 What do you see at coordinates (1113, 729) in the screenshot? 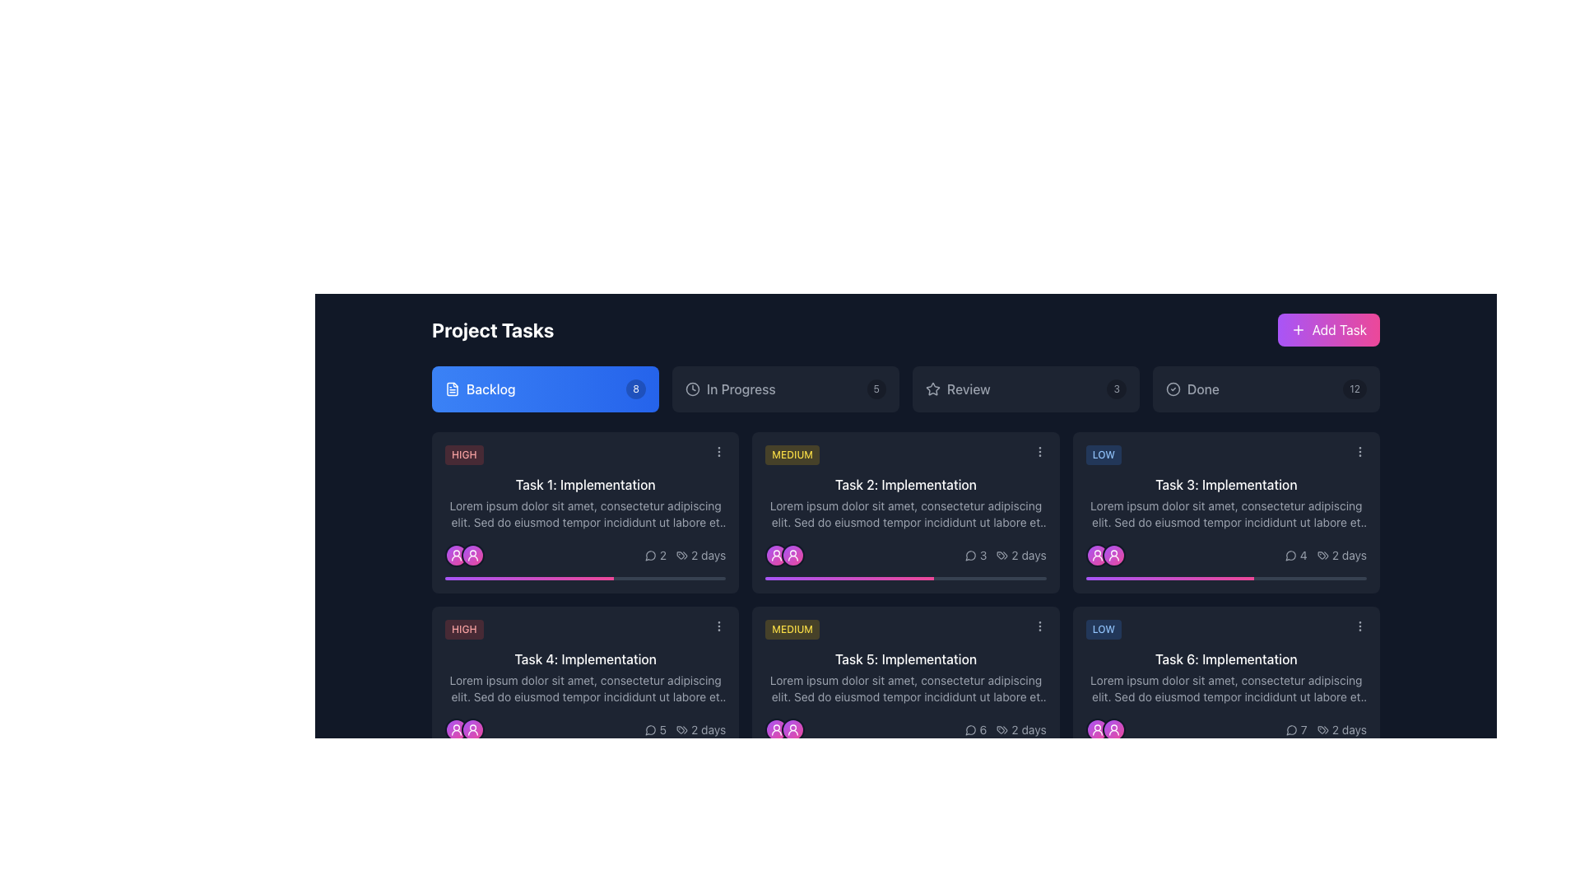
I see `the user icon located inside the 'Task 6: Implementation' card in the 'Done' section of the project board, indicating task collaborators` at bounding box center [1113, 729].